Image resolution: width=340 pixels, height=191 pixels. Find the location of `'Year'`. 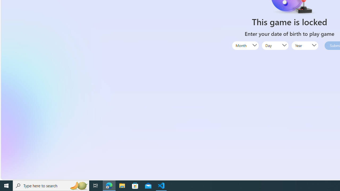

'Year' is located at coordinates (305, 45).